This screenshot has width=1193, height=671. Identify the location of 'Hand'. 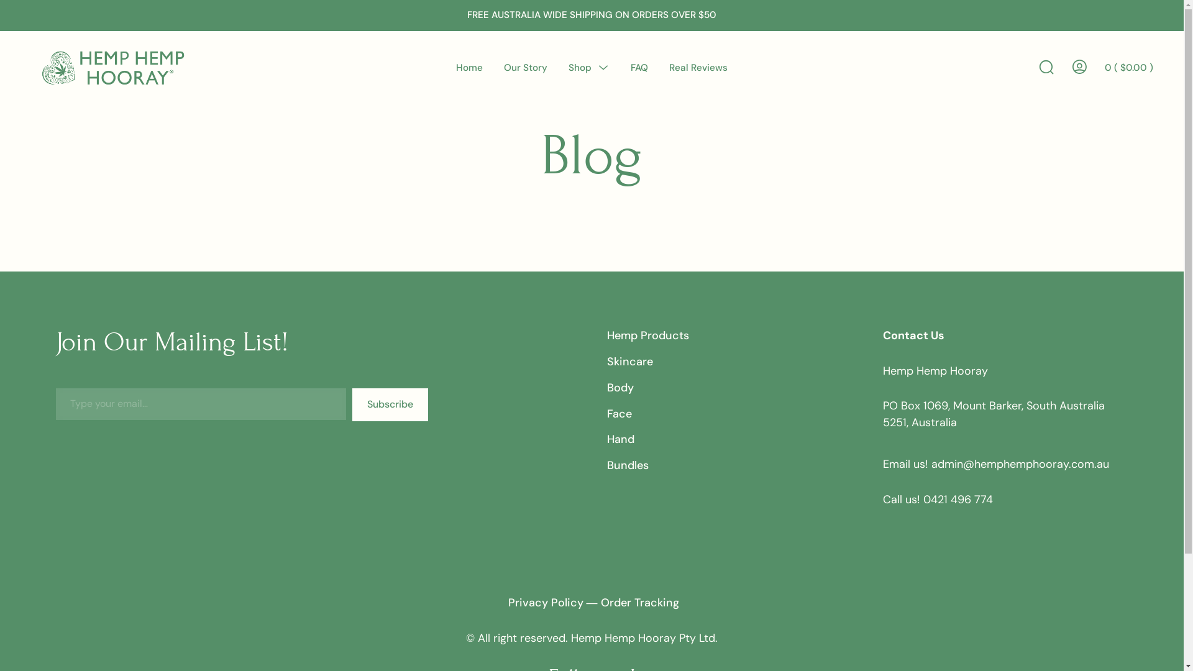
(620, 438).